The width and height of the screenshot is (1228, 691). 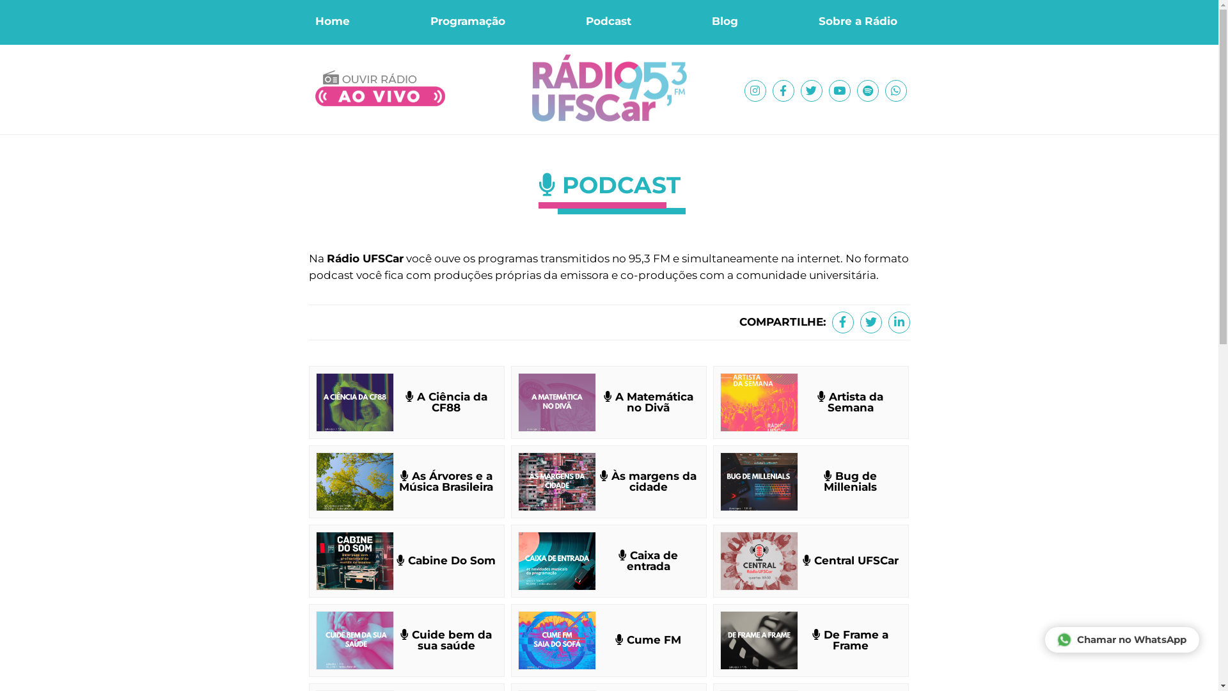 I want to click on 'Twitter', so click(x=810, y=90).